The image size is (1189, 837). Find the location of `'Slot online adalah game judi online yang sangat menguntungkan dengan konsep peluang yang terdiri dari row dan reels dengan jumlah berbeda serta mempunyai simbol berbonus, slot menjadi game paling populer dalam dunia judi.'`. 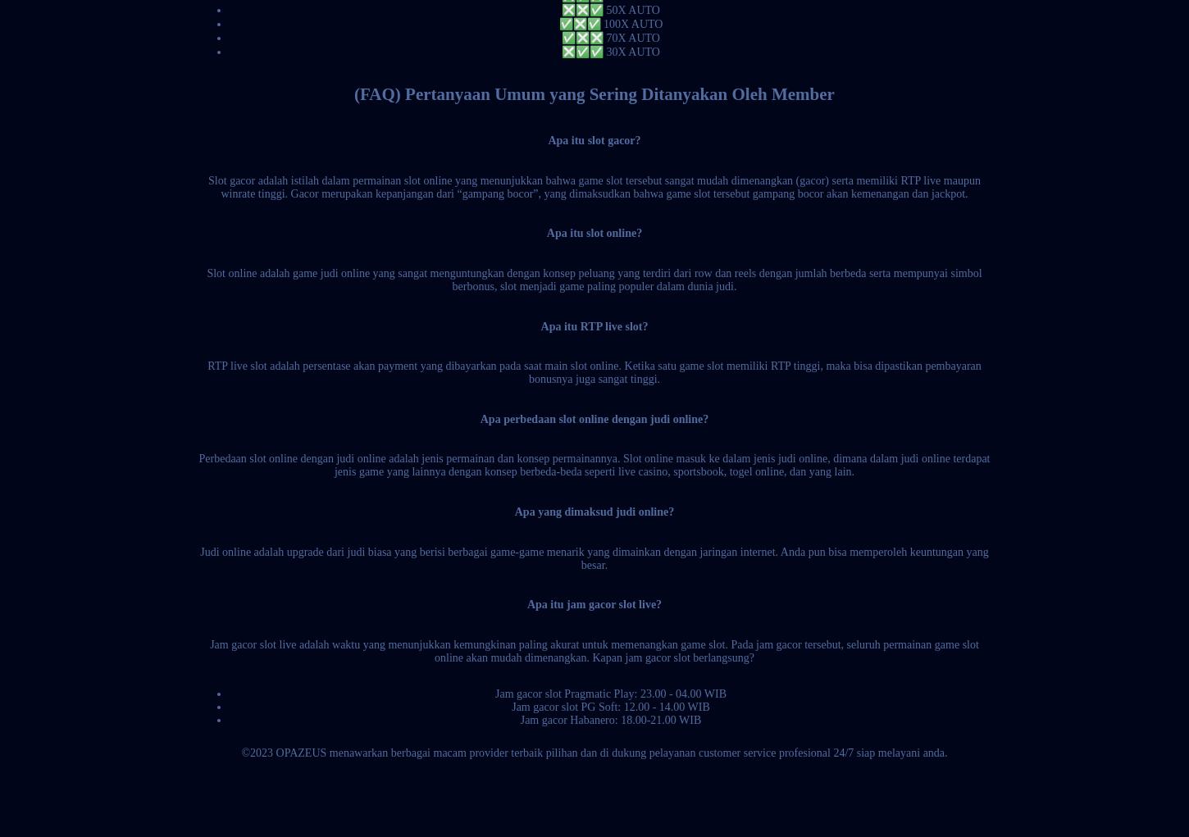

'Slot online adalah game judi online yang sangat menguntungkan dengan konsep peluang yang terdiri dari row dan reels dengan jumlah berbeda serta mempunyai simbol berbonus, slot menjadi game paling populer dalam dunia judi.' is located at coordinates (593, 279).